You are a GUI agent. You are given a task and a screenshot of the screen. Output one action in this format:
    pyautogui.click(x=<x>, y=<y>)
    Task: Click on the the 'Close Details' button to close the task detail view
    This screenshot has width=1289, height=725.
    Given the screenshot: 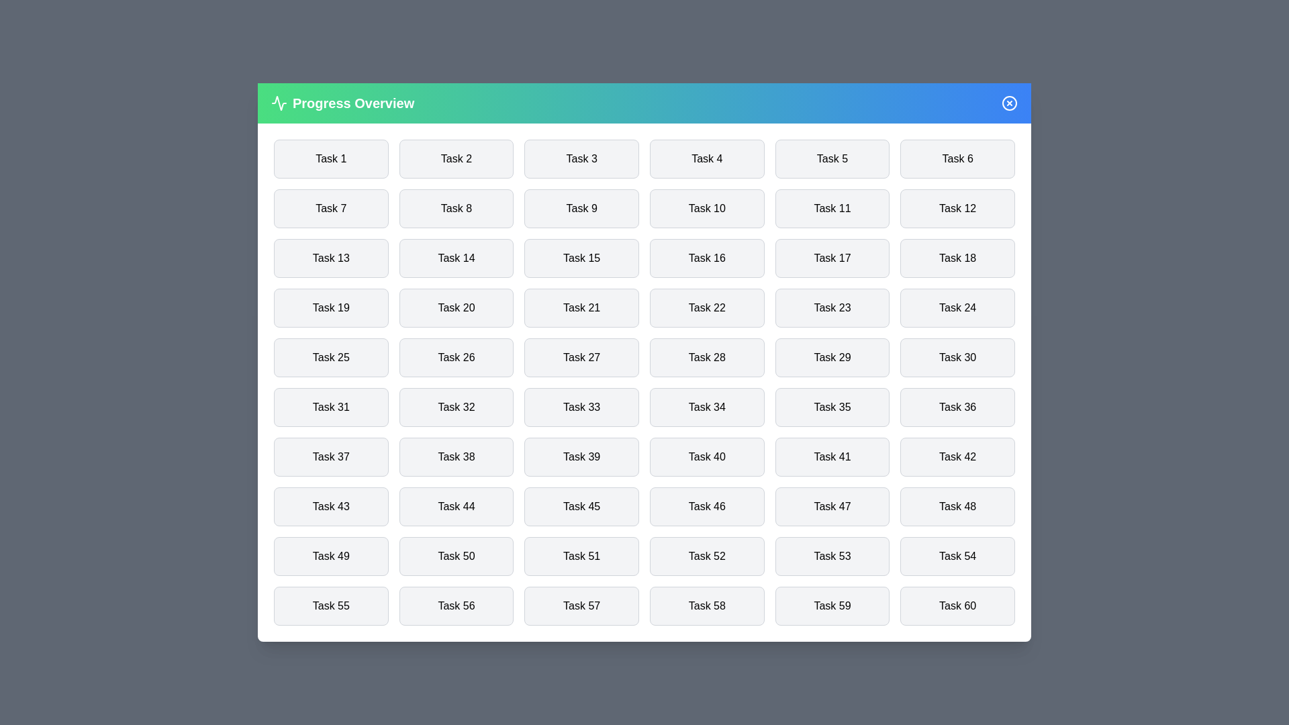 What is the action you would take?
    pyautogui.click(x=1009, y=103)
    